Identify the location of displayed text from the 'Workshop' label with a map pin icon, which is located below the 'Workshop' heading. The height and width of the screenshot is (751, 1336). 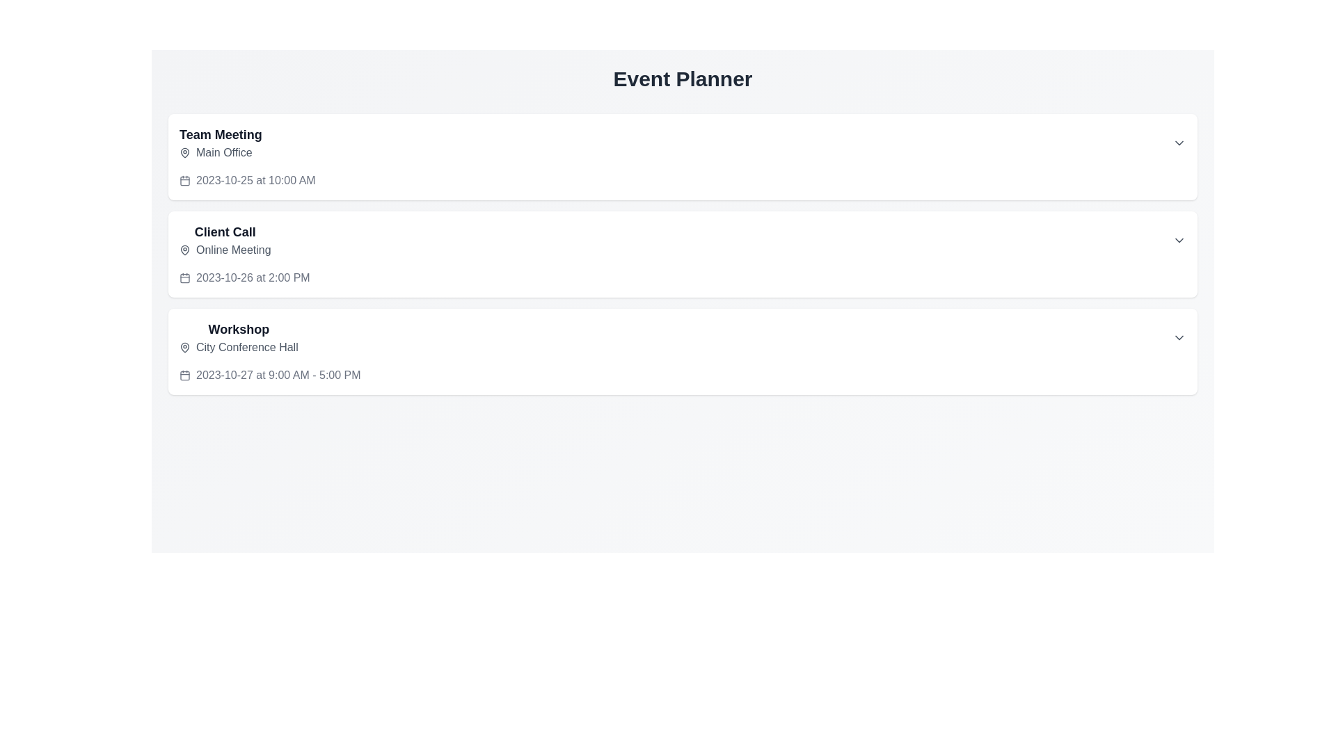
(239, 347).